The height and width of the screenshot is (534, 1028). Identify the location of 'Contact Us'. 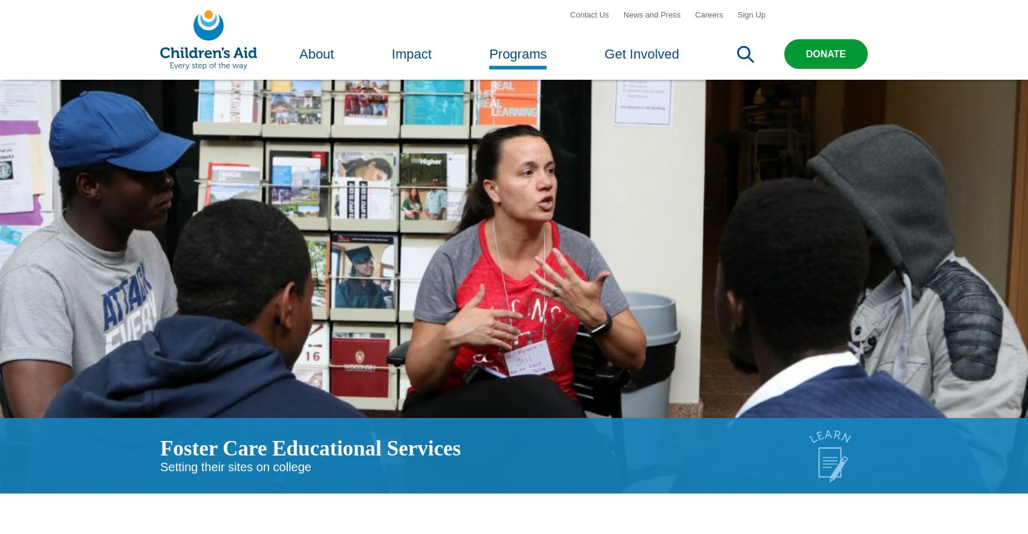
(569, 22).